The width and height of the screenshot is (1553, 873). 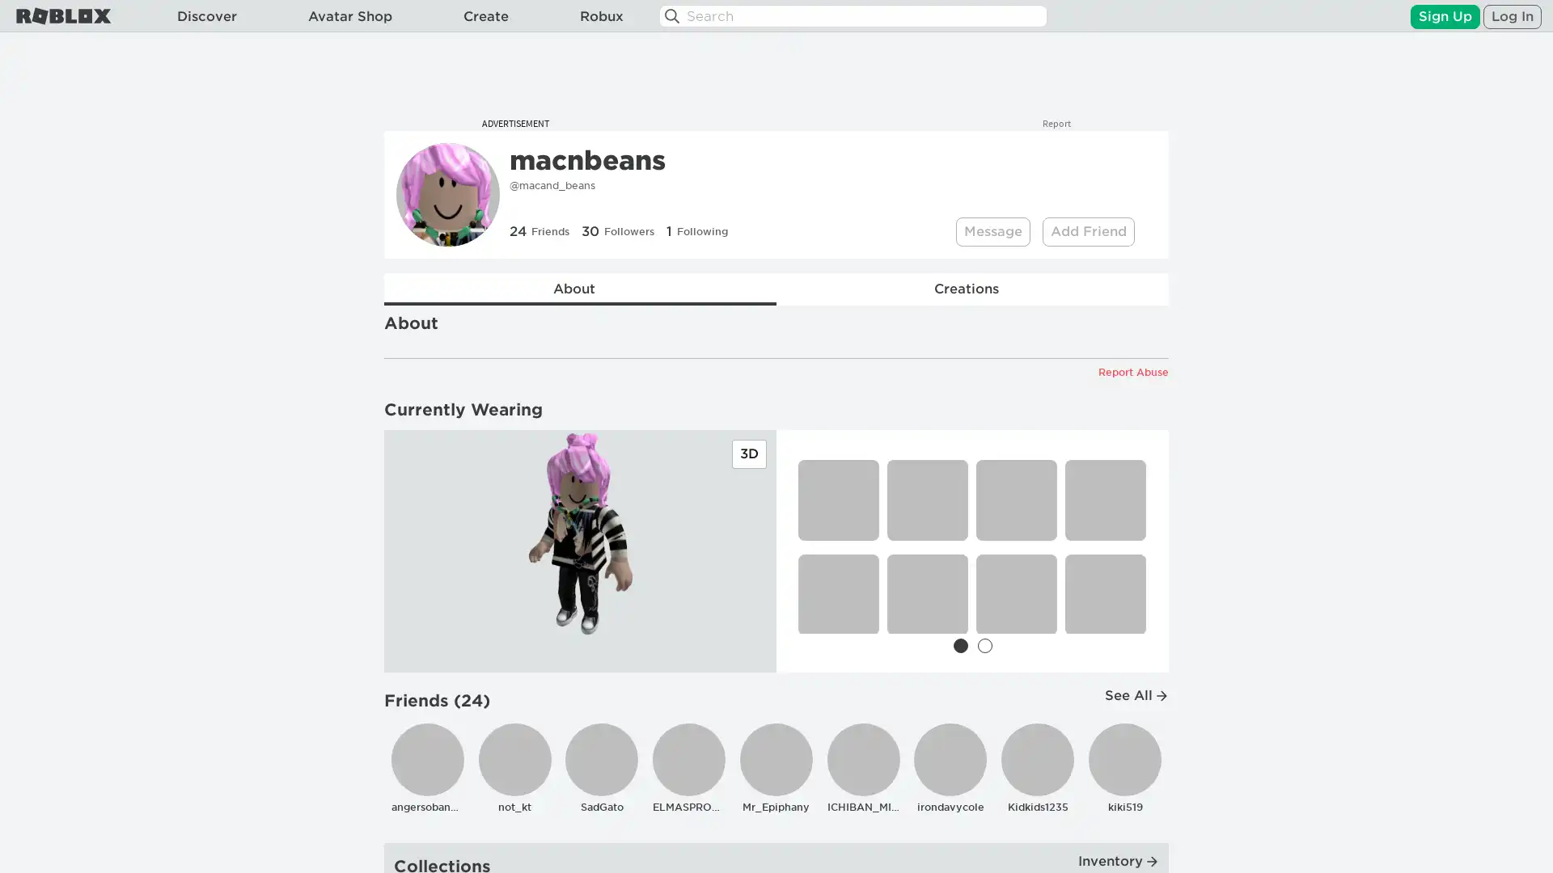 What do you see at coordinates (1088, 231) in the screenshot?
I see `Add Friend` at bounding box center [1088, 231].